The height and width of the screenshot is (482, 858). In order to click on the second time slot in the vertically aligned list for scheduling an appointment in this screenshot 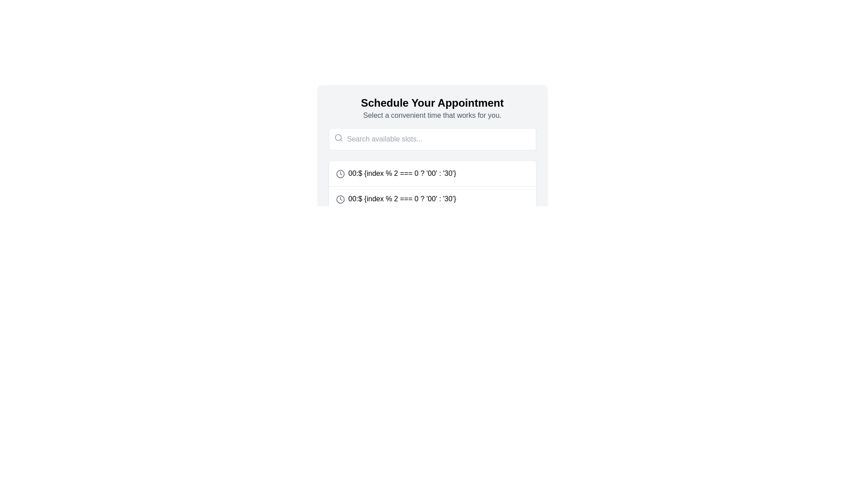, I will do `click(395, 199)`.